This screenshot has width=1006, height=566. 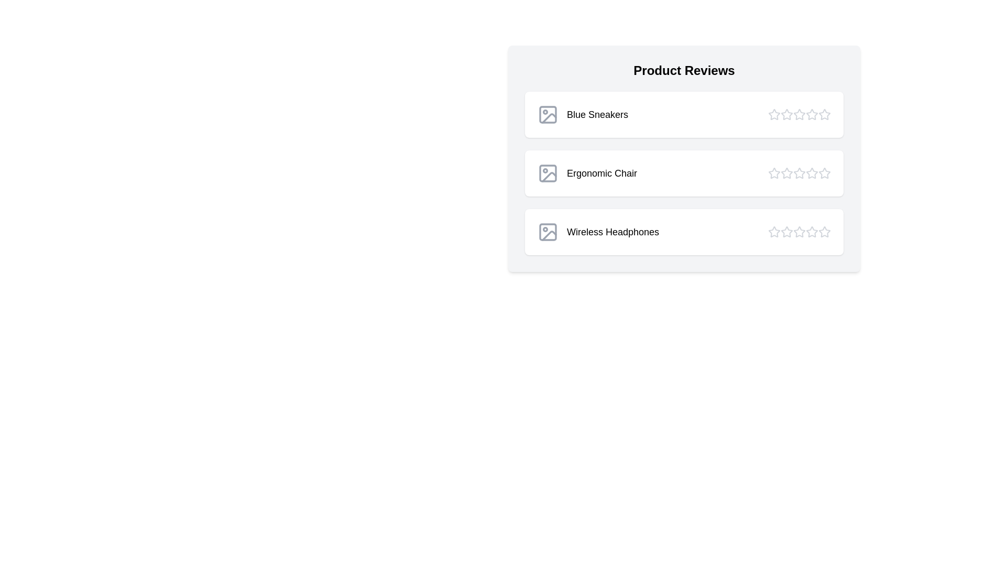 I want to click on the star corresponding to 4 stars for the product Ergonomic Chair, so click(x=812, y=173).